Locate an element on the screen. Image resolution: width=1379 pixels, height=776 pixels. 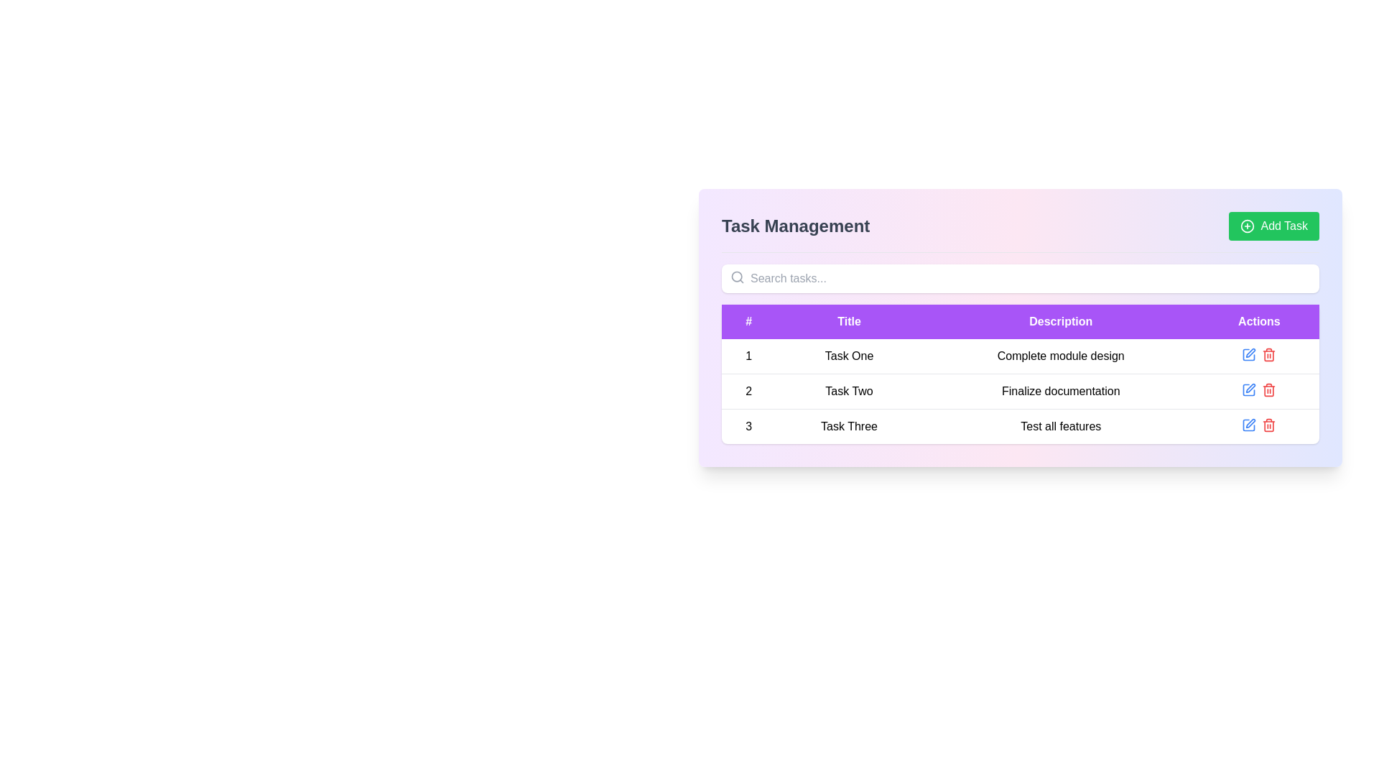
the red trash icon button located in the 'Actions' column of the second row in the displayed table is located at coordinates (1269, 390).